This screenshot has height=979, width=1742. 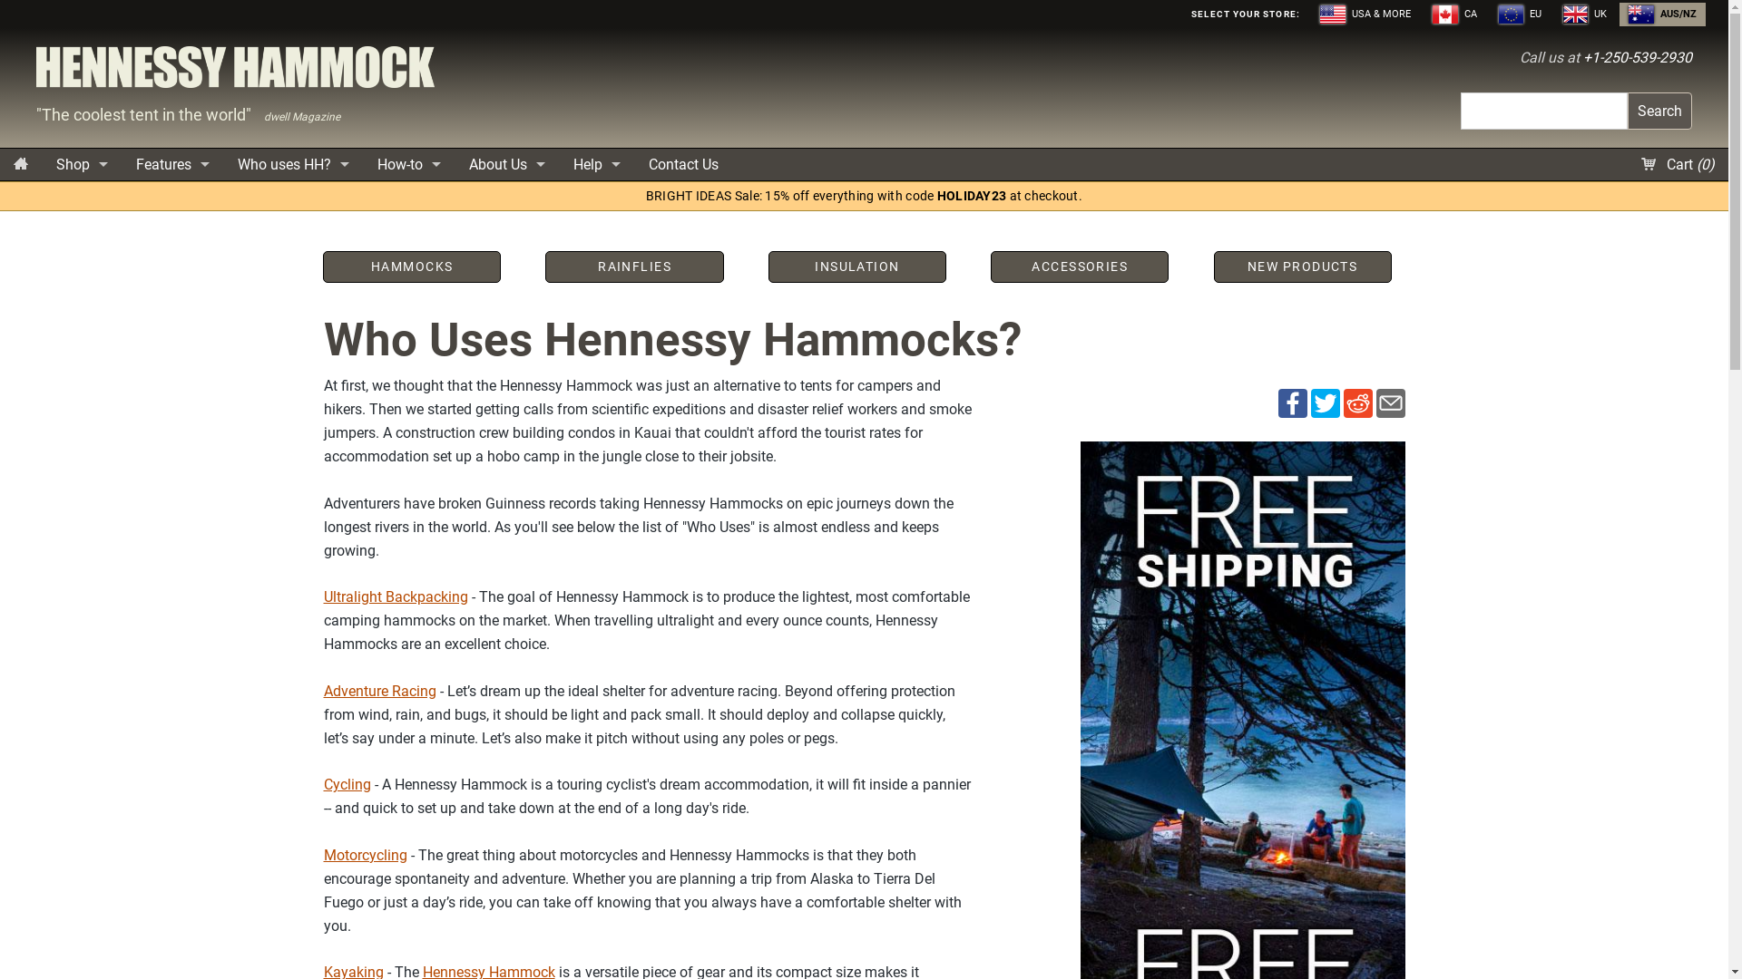 What do you see at coordinates (682, 164) in the screenshot?
I see `'Contact Us'` at bounding box center [682, 164].